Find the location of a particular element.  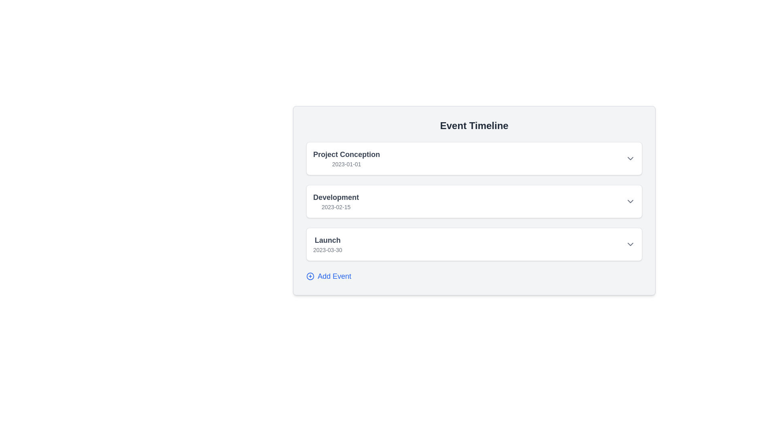

the Chevron icon located on the far right side of the 'Launch' event dated '2023-03-30' in the 'Event Timeline' interface is located at coordinates (630, 244).